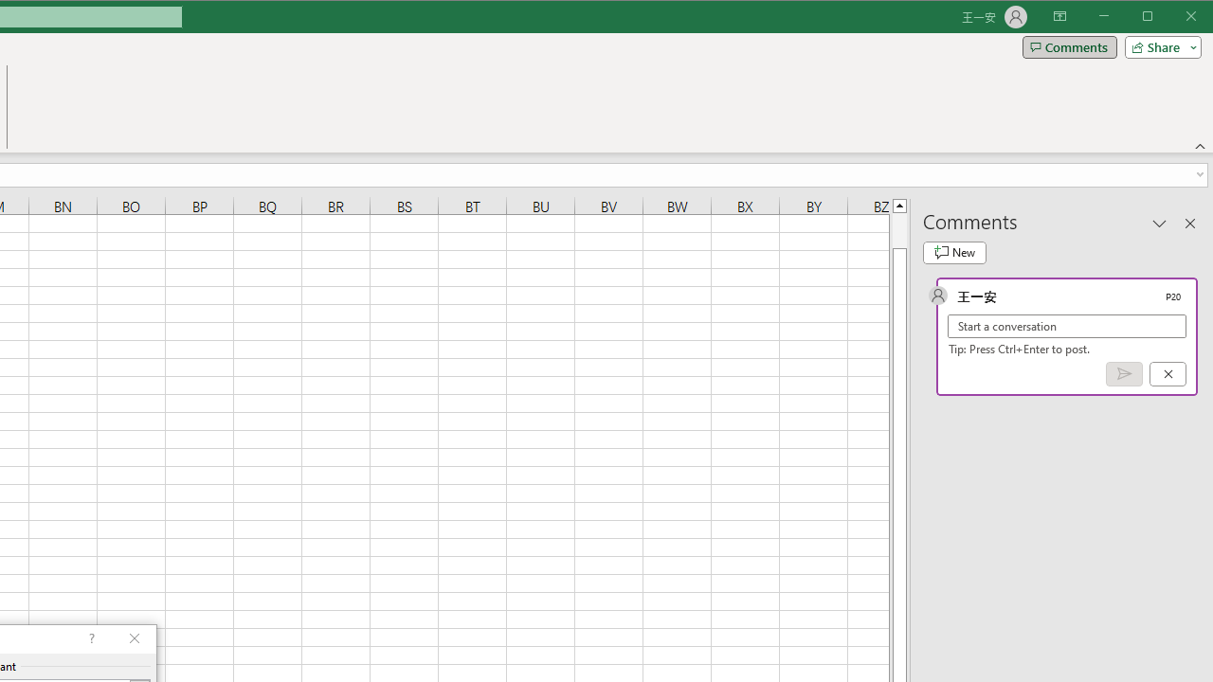 The width and height of the screenshot is (1213, 682). I want to click on 'Task Pane Options', so click(1159, 222).